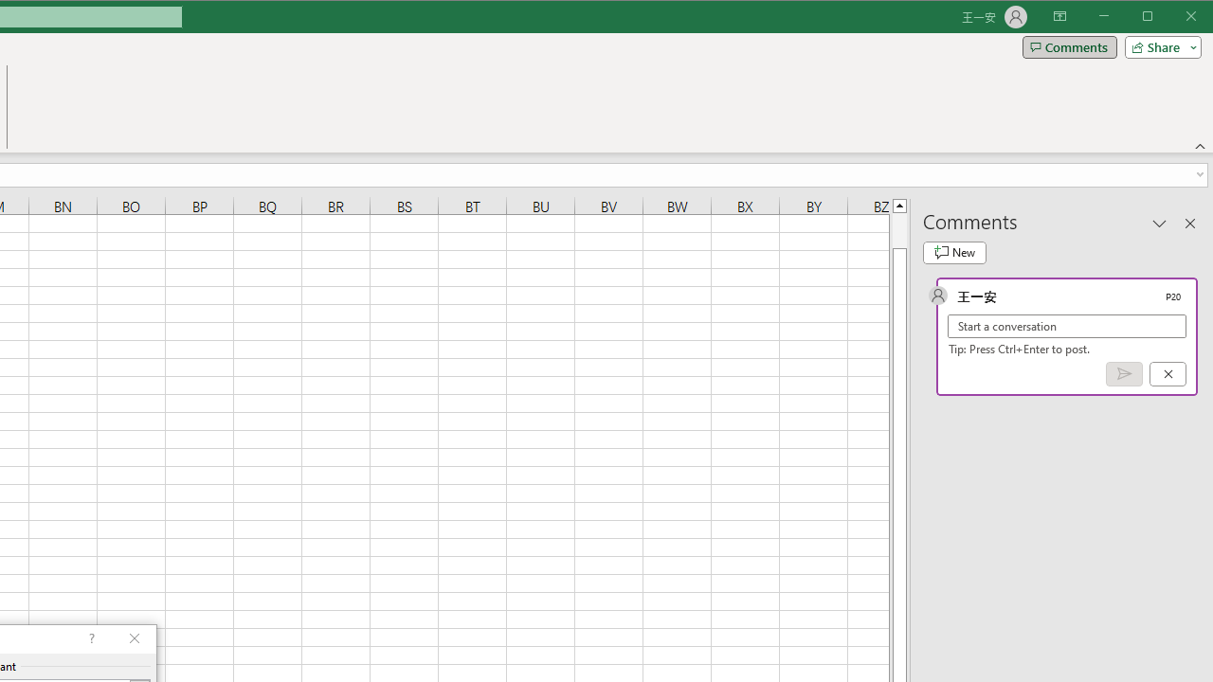 The width and height of the screenshot is (1213, 682). I want to click on 'Task Pane Options', so click(1159, 222).